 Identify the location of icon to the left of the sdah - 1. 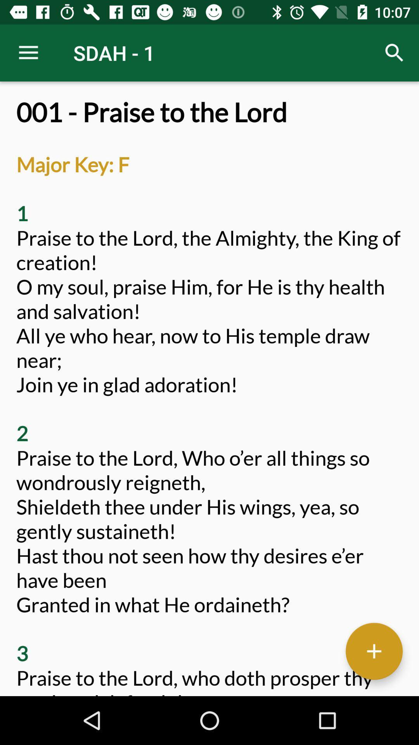
(28, 52).